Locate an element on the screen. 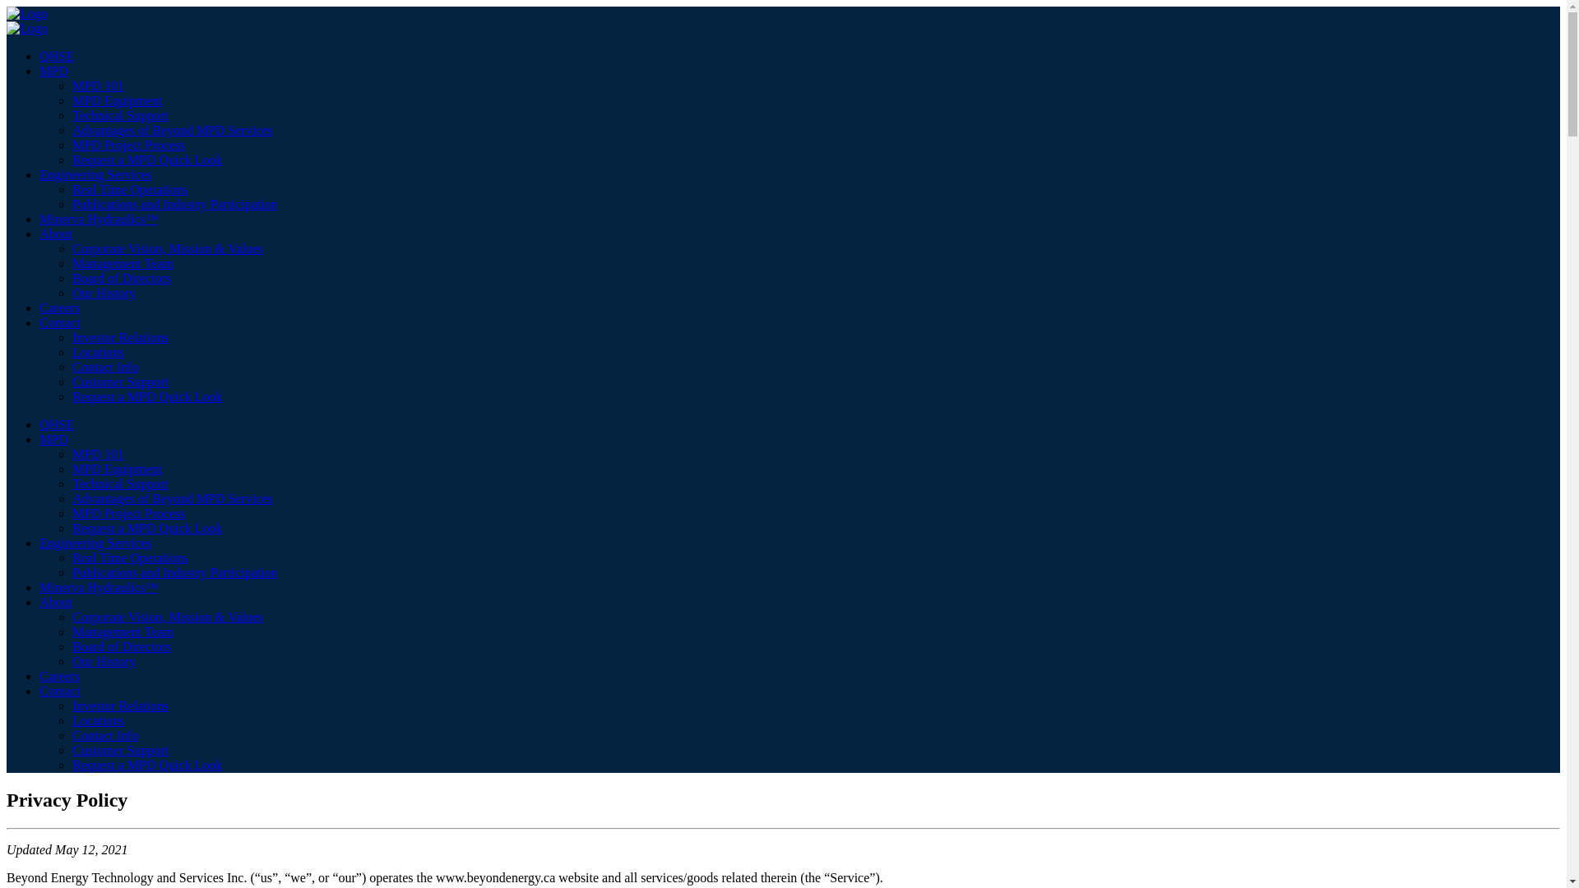  'Contact Info' is located at coordinates (104, 366).